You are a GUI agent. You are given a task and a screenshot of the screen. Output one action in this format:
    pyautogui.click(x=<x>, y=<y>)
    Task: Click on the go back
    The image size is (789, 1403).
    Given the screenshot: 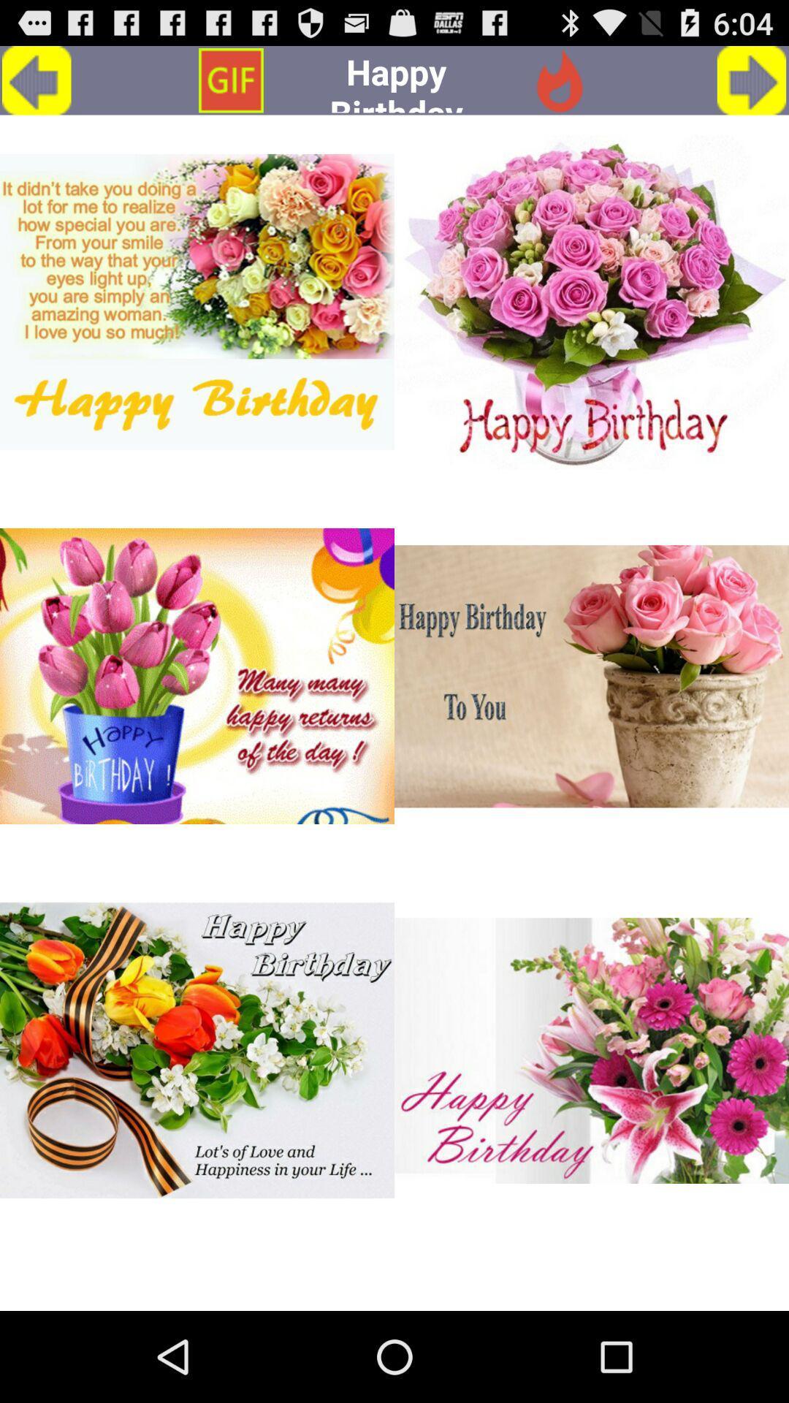 What is the action you would take?
    pyautogui.click(x=36, y=80)
    